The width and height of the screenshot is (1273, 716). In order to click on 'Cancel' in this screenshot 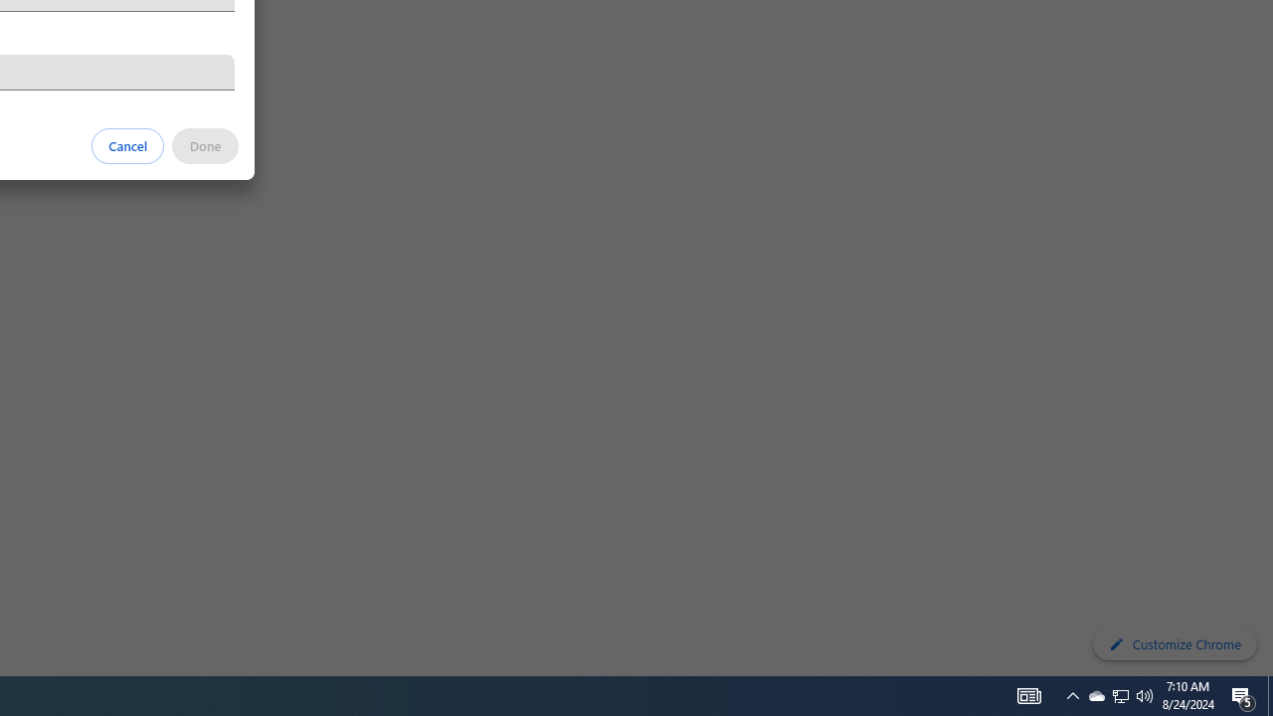, I will do `click(127, 144)`.